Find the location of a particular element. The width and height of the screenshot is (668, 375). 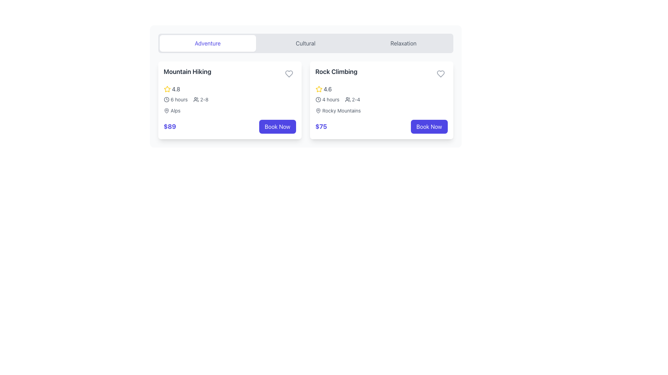

the text label with the clock icon displaying '4 hours', located within the 'Rock Climbing' activity card, to the left of the group size indicator '2-4' is located at coordinates (327, 99).